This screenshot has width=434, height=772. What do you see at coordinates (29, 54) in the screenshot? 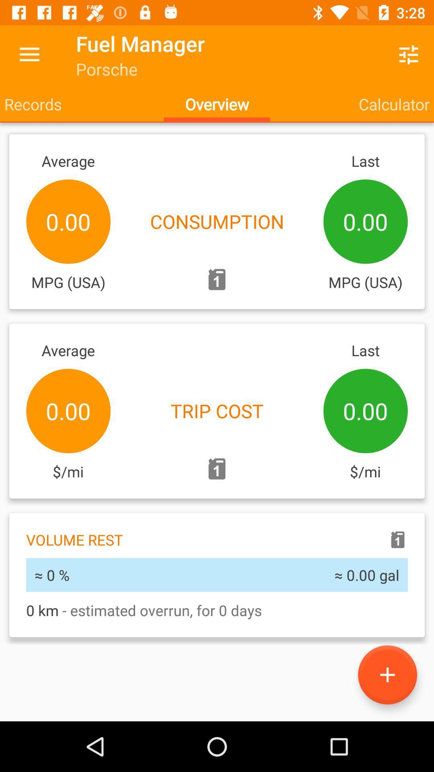
I see `icon next to the fuel manager` at bounding box center [29, 54].